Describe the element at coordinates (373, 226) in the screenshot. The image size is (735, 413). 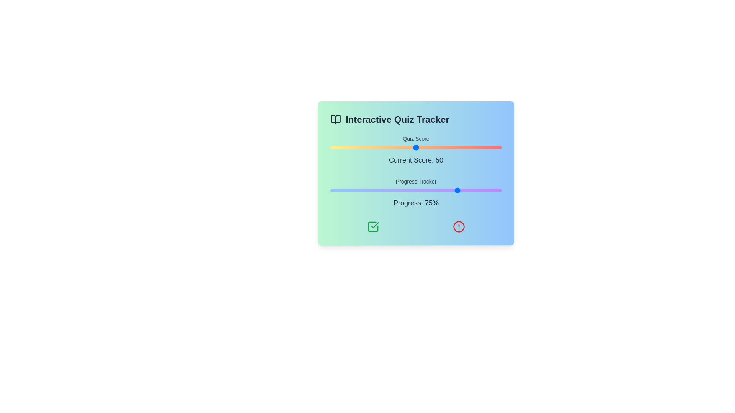
I see `the green checkmark icon to confirm the action` at that location.